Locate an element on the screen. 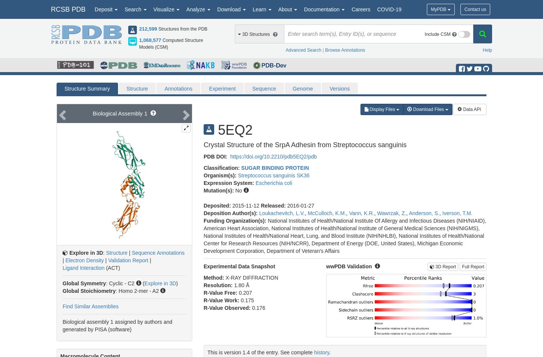  '2015-11-12' is located at coordinates (246, 205).